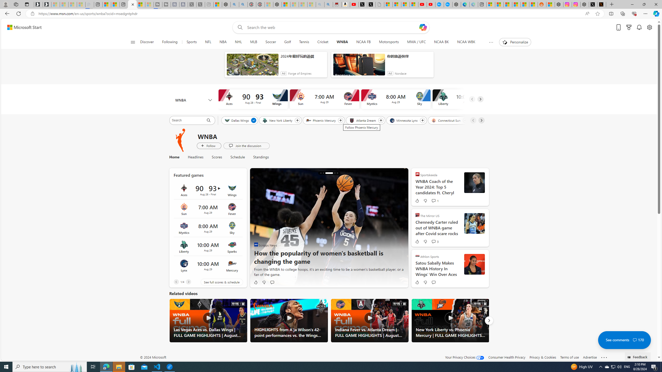 Image resolution: width=662 pixels, height=372 pixels. Describe the element at coordinates (569, 357) in the screenshot. I see `'Terms of use'` at that location.